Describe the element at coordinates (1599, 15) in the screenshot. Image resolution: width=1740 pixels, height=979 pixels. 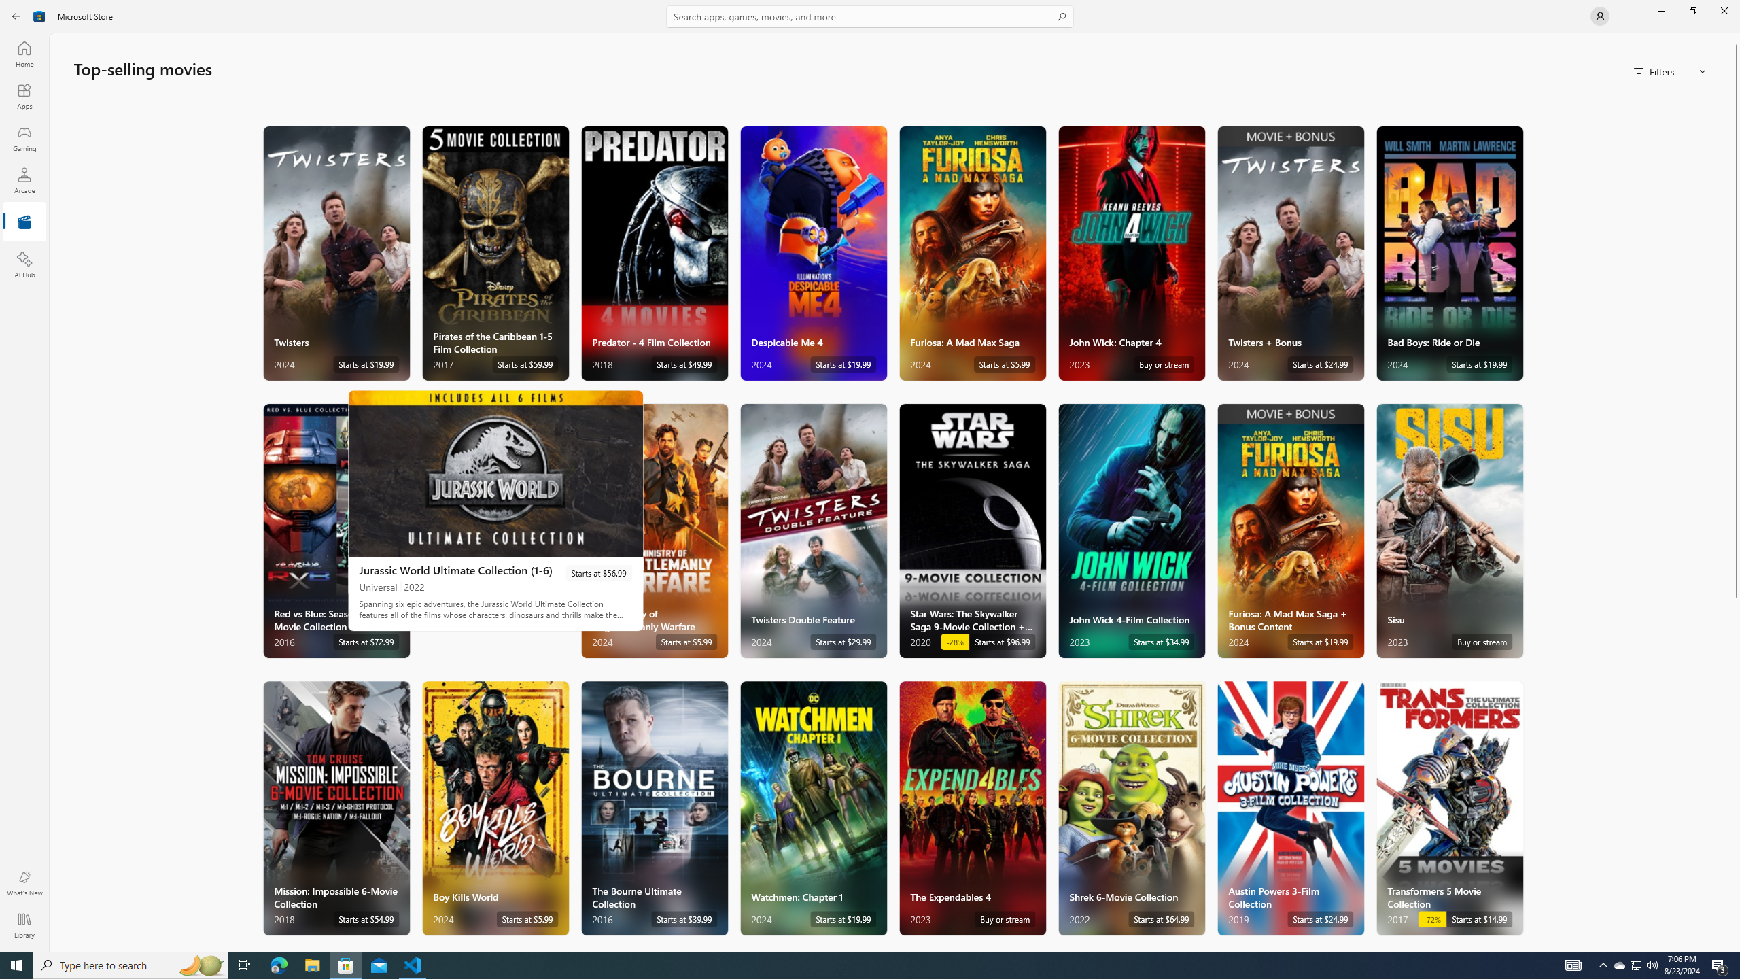
I see `'User profile'` at that location.